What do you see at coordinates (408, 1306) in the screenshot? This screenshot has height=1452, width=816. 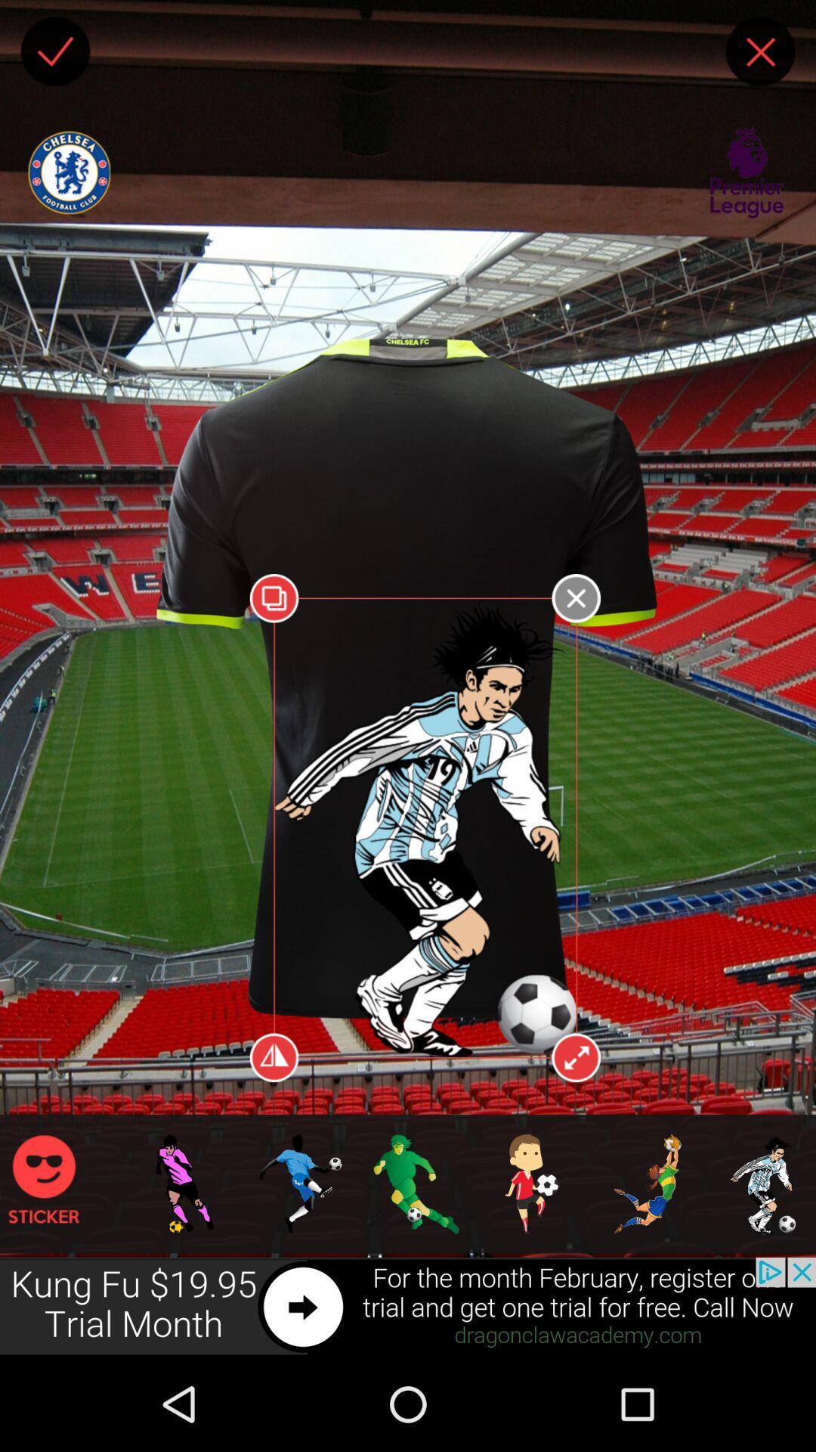 I see `new advertisement open box` at bounding box center [408, 1306].